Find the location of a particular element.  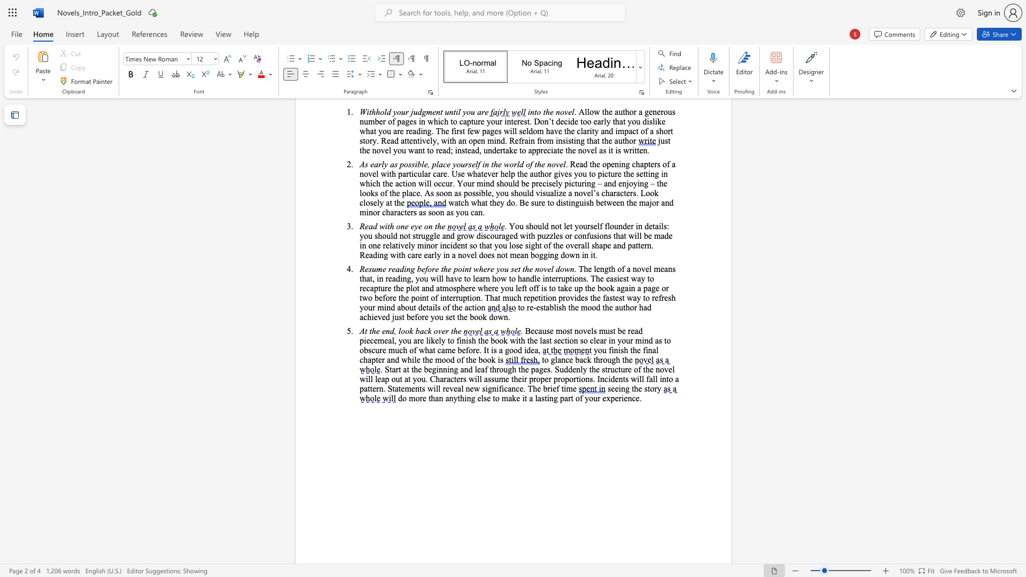

the subset text "inal c" within the text "final chapter" is located at coordinates (645, 350).